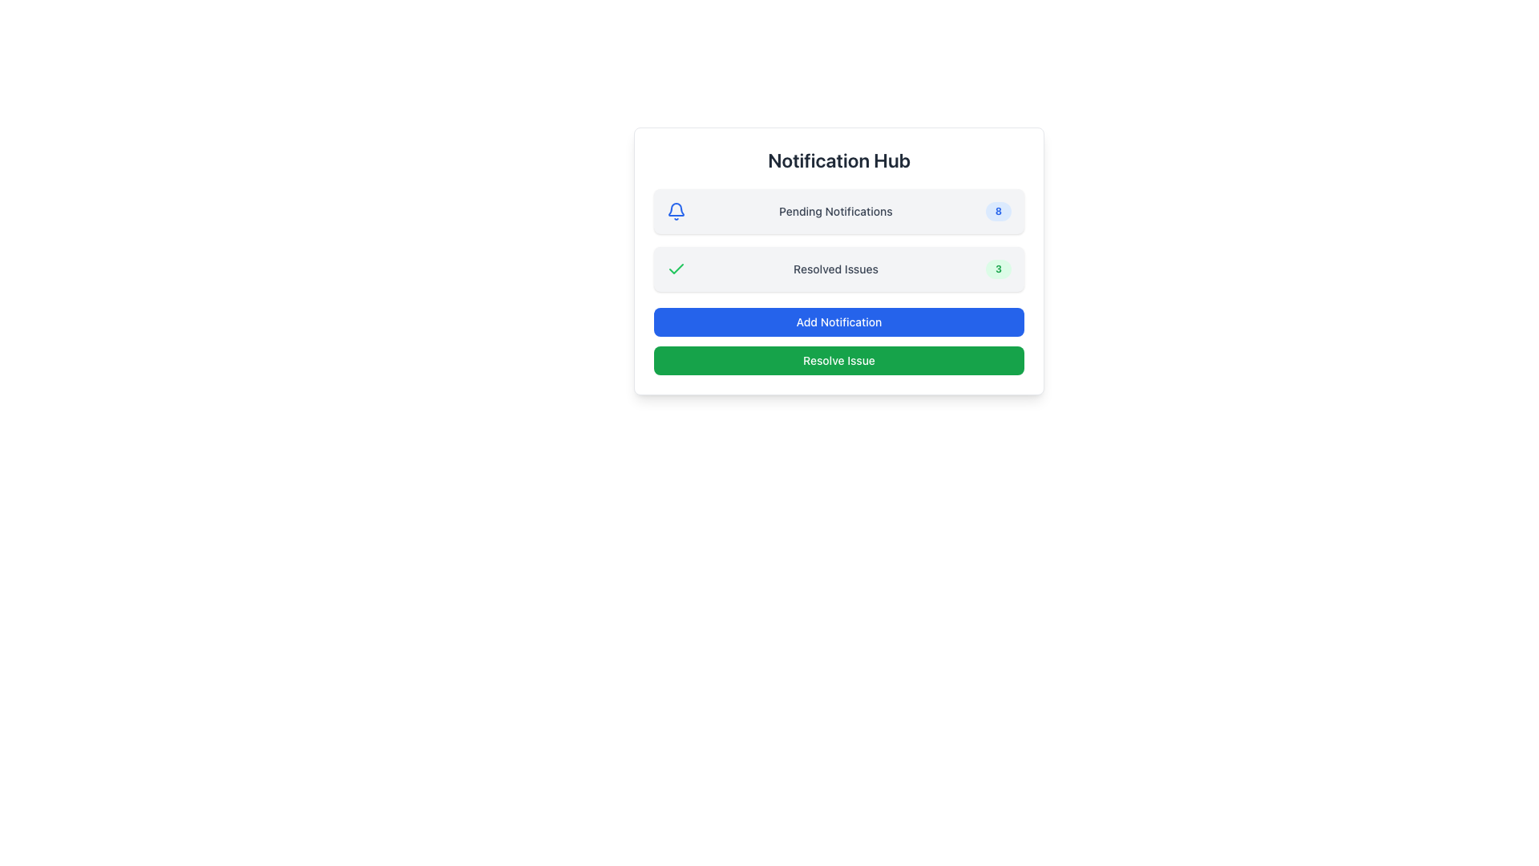 The height and width of the screenshot is (866, 1539). Describe the element at coordinates (677, 208) in the screenshot. I see `the bell icon located beside the 'Pending Notifications' text in the Notification Hub interface to read the tooltip` at that location.